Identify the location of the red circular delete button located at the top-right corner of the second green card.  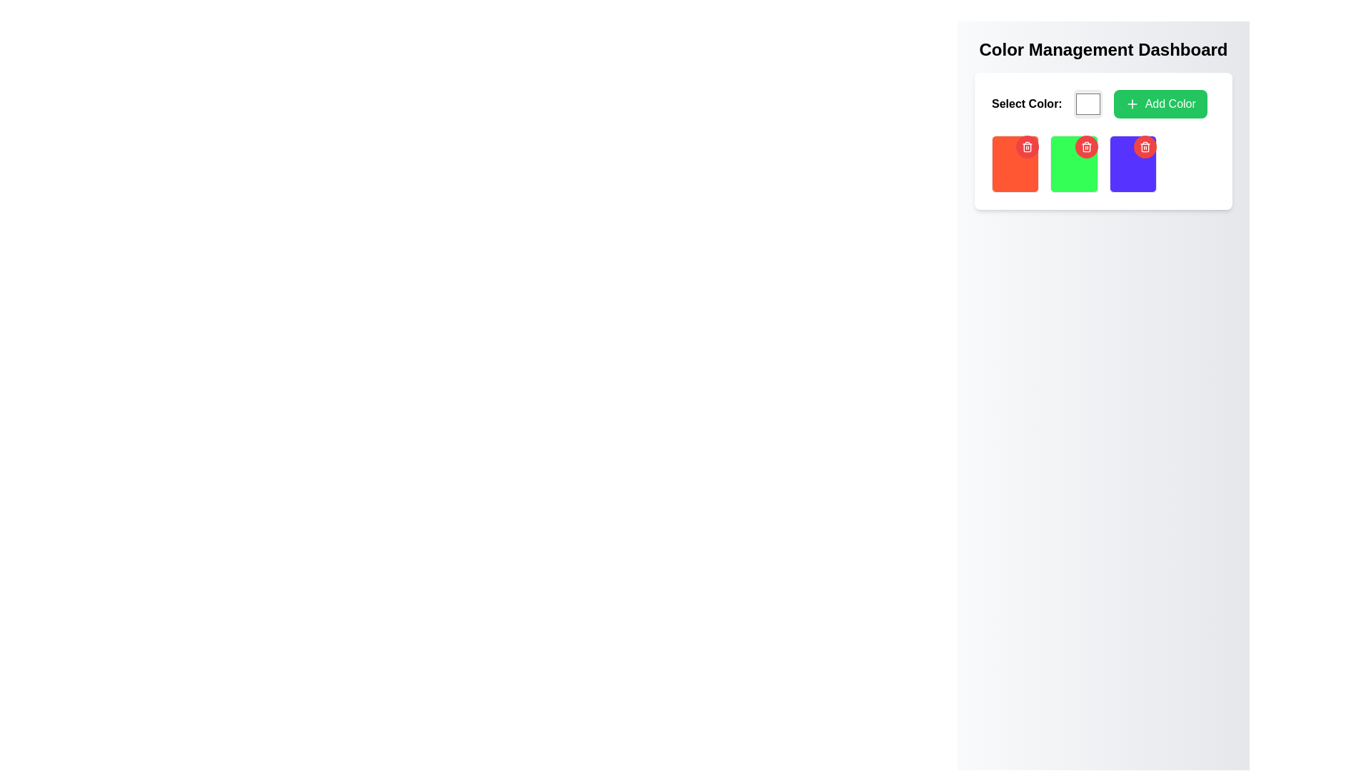
(1085, 146).